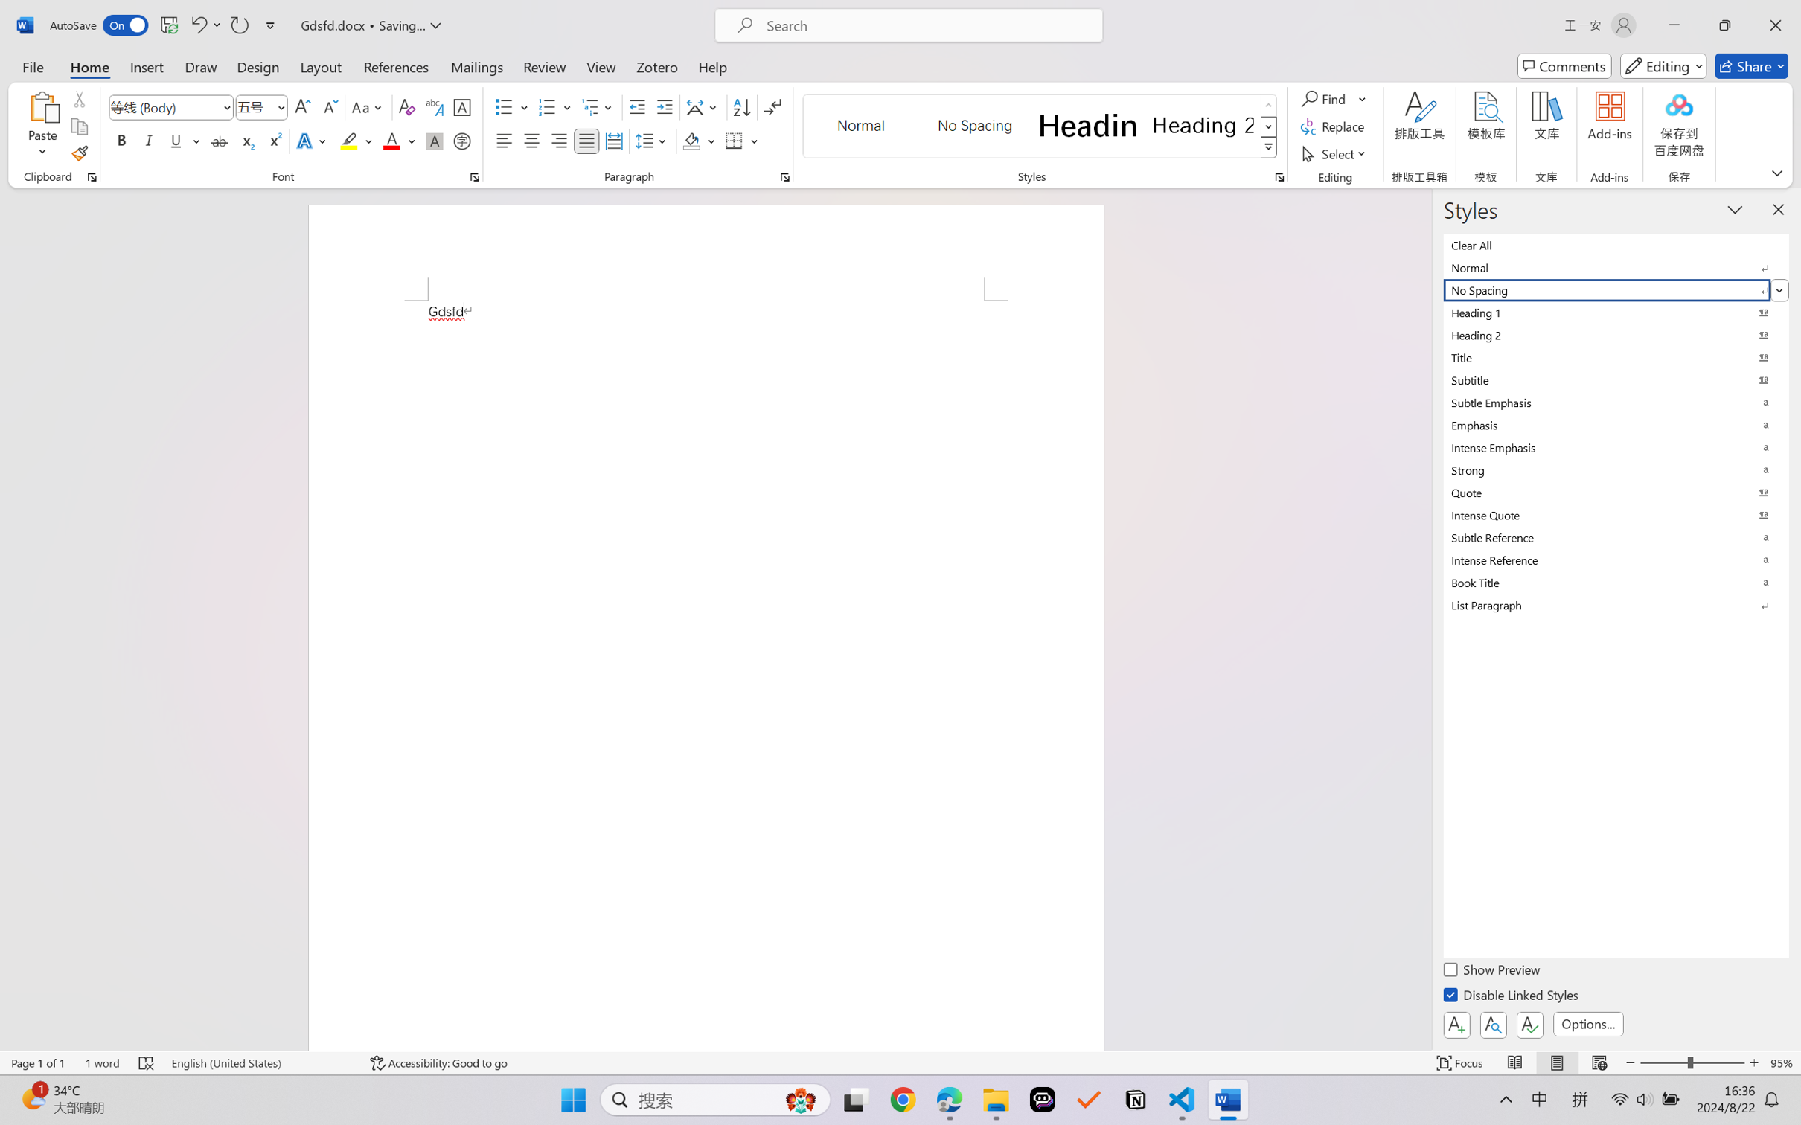 This screenshot has width=1801, height=1125. What do you see at coordinates (219, 140) in the screenshot?
I see `'Strikethrough'` at bounding box center [219, 140].